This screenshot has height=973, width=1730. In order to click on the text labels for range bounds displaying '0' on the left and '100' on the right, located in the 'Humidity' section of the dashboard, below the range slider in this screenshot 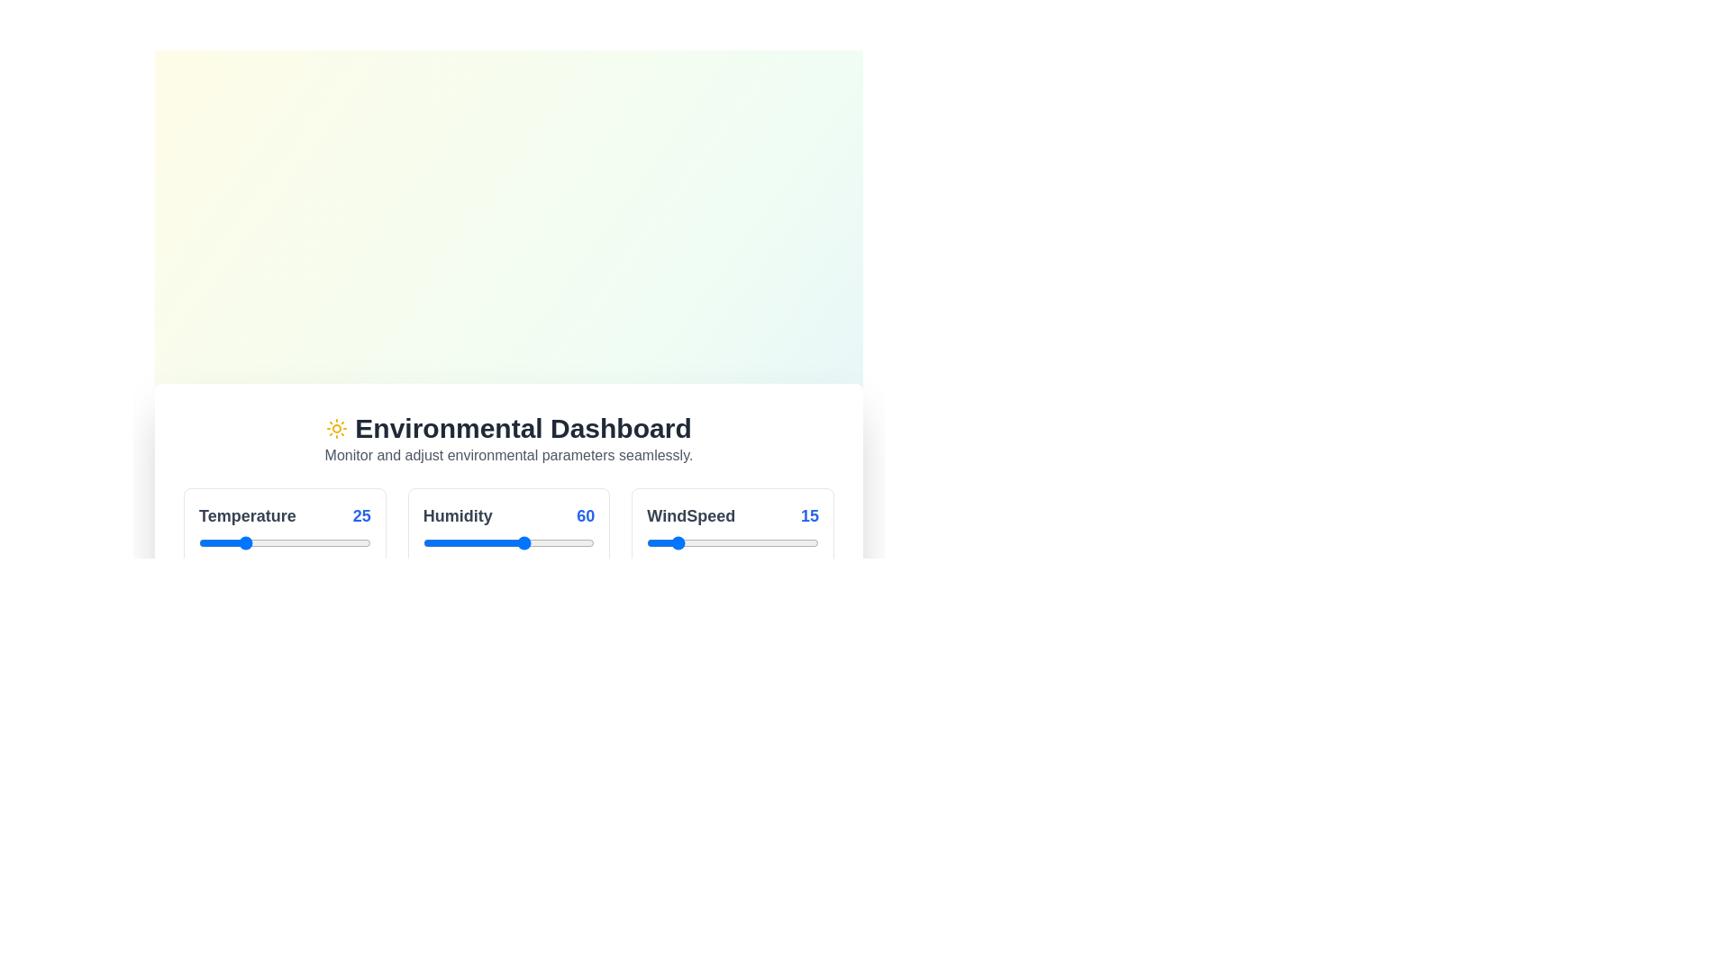, I will do `click(508, 572)`.